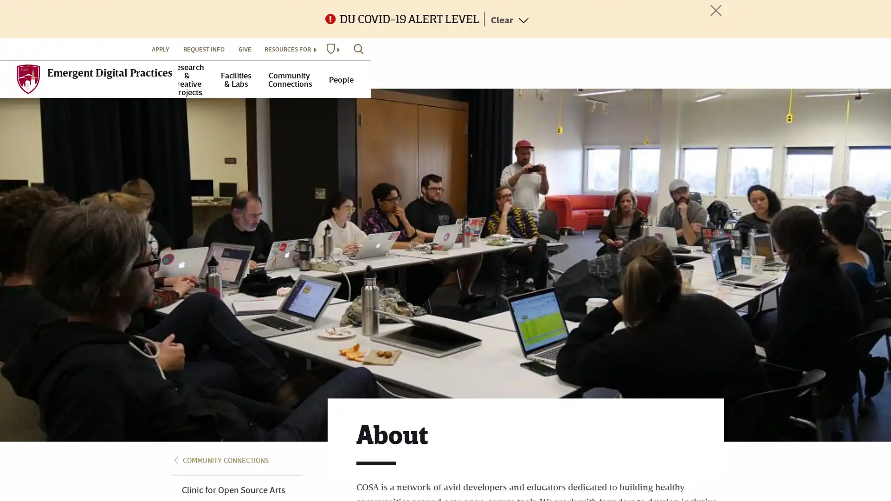 The height and width of the screenshot is (501, 891). I want to click on Toggle Alert, so click(715, 10).